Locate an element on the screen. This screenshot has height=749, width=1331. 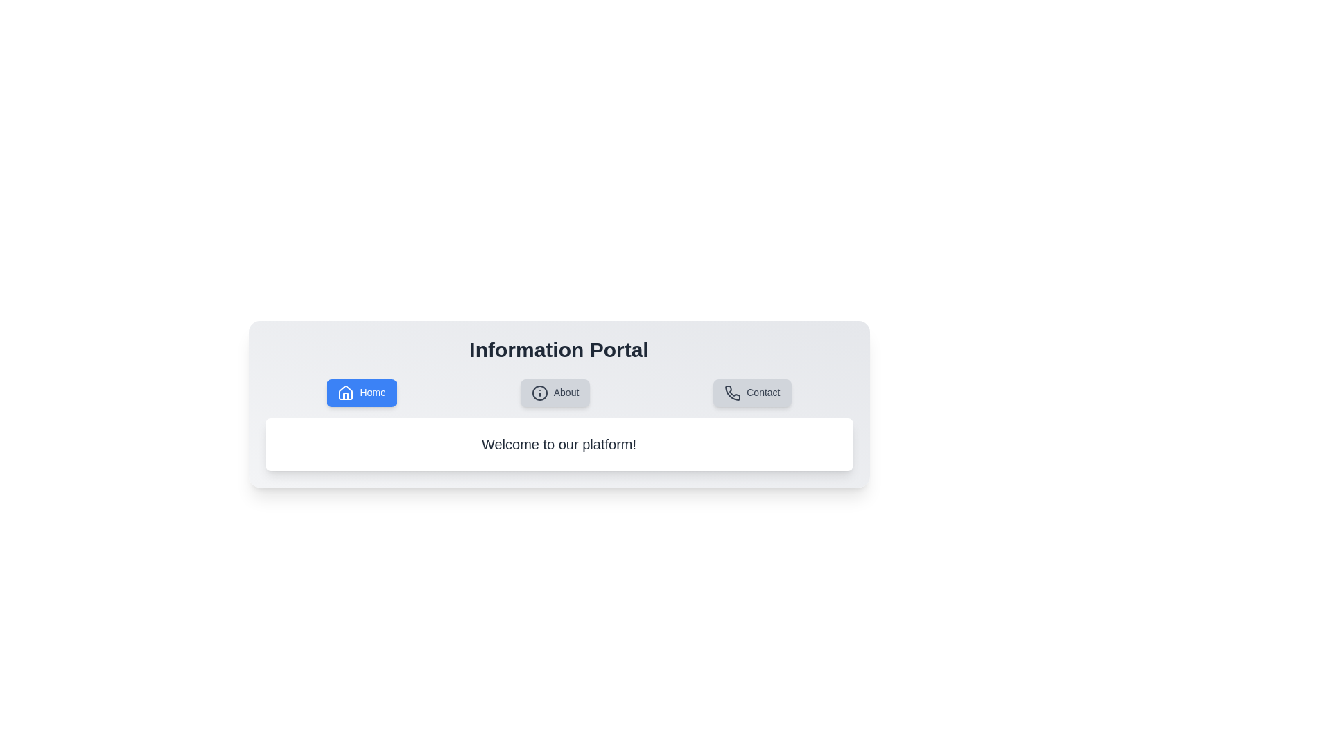
the 'About' navigation button, which is the second button in a horizontal arrangement of three buttons is located at coordinates (555, 393).